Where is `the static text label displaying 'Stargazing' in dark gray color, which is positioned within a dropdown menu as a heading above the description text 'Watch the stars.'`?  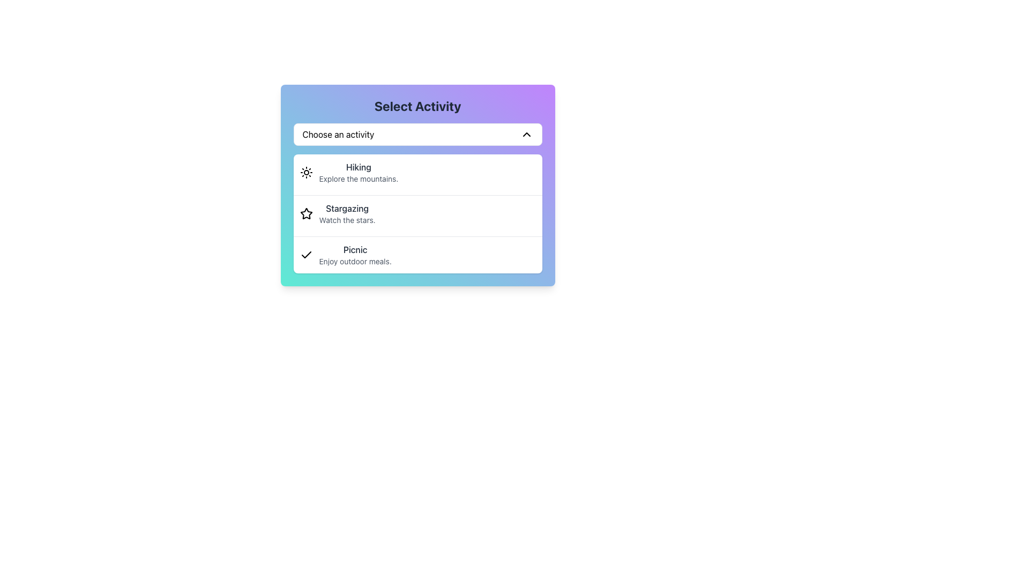
the static text label displaying 'Stargazing' in dark gray color, which is positioned within a dropdown menu as a heading above the description text 'Watch the stars.' is located at coordinates (347, 209).